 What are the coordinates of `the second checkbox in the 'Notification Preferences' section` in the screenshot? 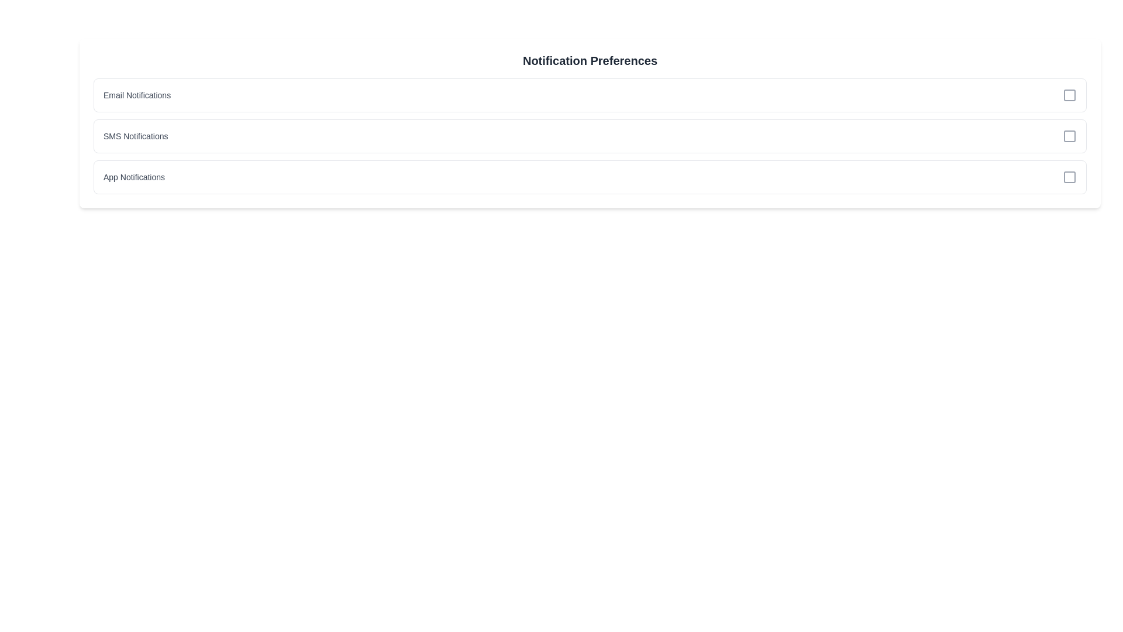 It's located at (1069, 135).